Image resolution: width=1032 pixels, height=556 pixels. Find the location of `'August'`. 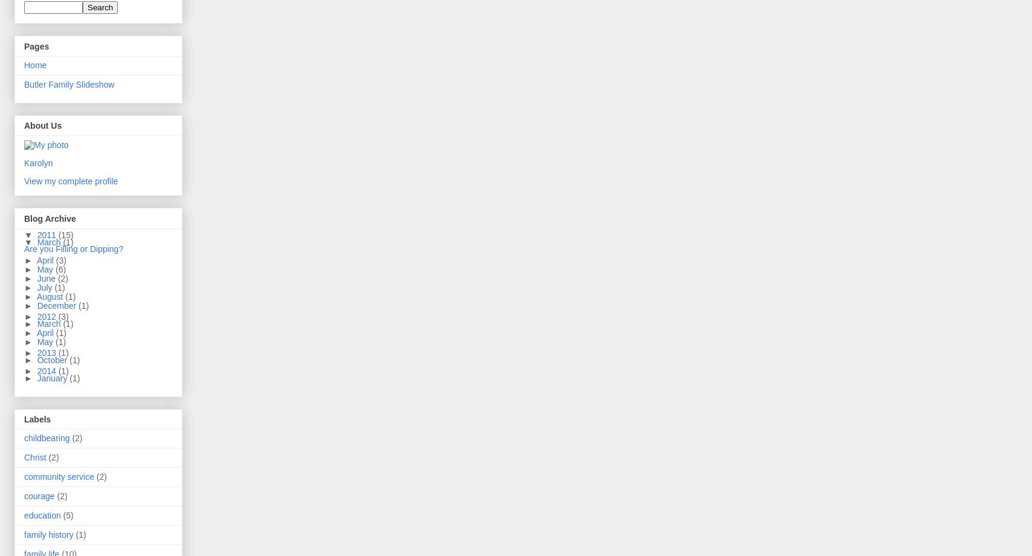

'August' is located at coordinates (51, 296).